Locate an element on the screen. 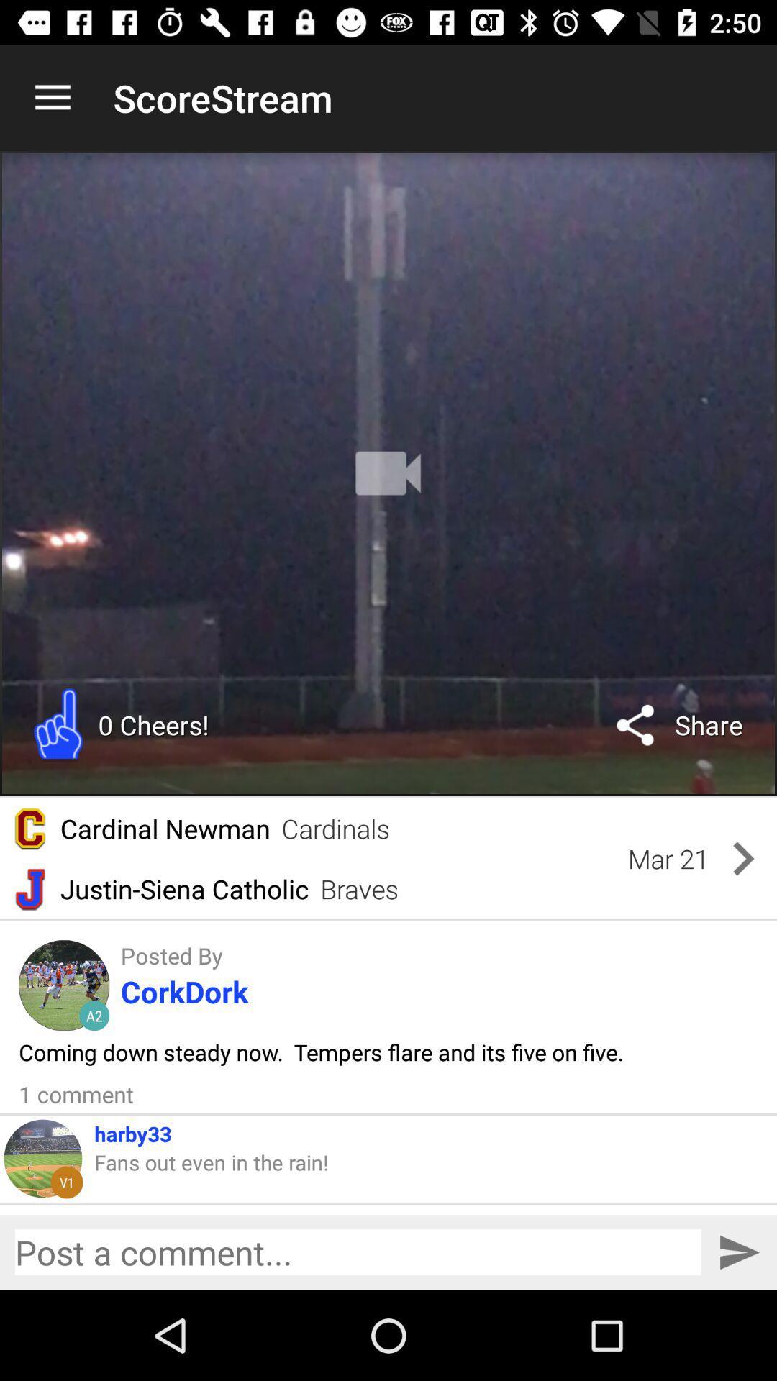 The image size is (777, 1381). the send icon is located at coordinates (739, 1252).